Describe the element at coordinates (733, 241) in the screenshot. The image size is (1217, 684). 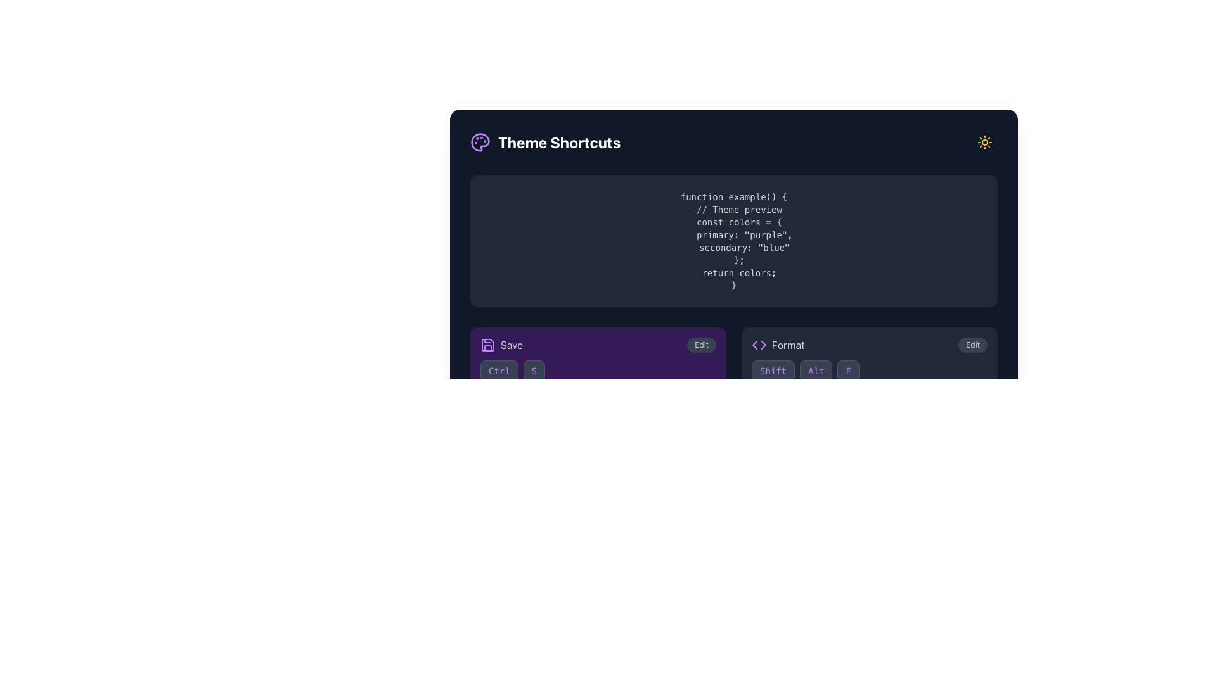
I see `the Static text display containing JavaScript code by navigating to inspect it` at that location.